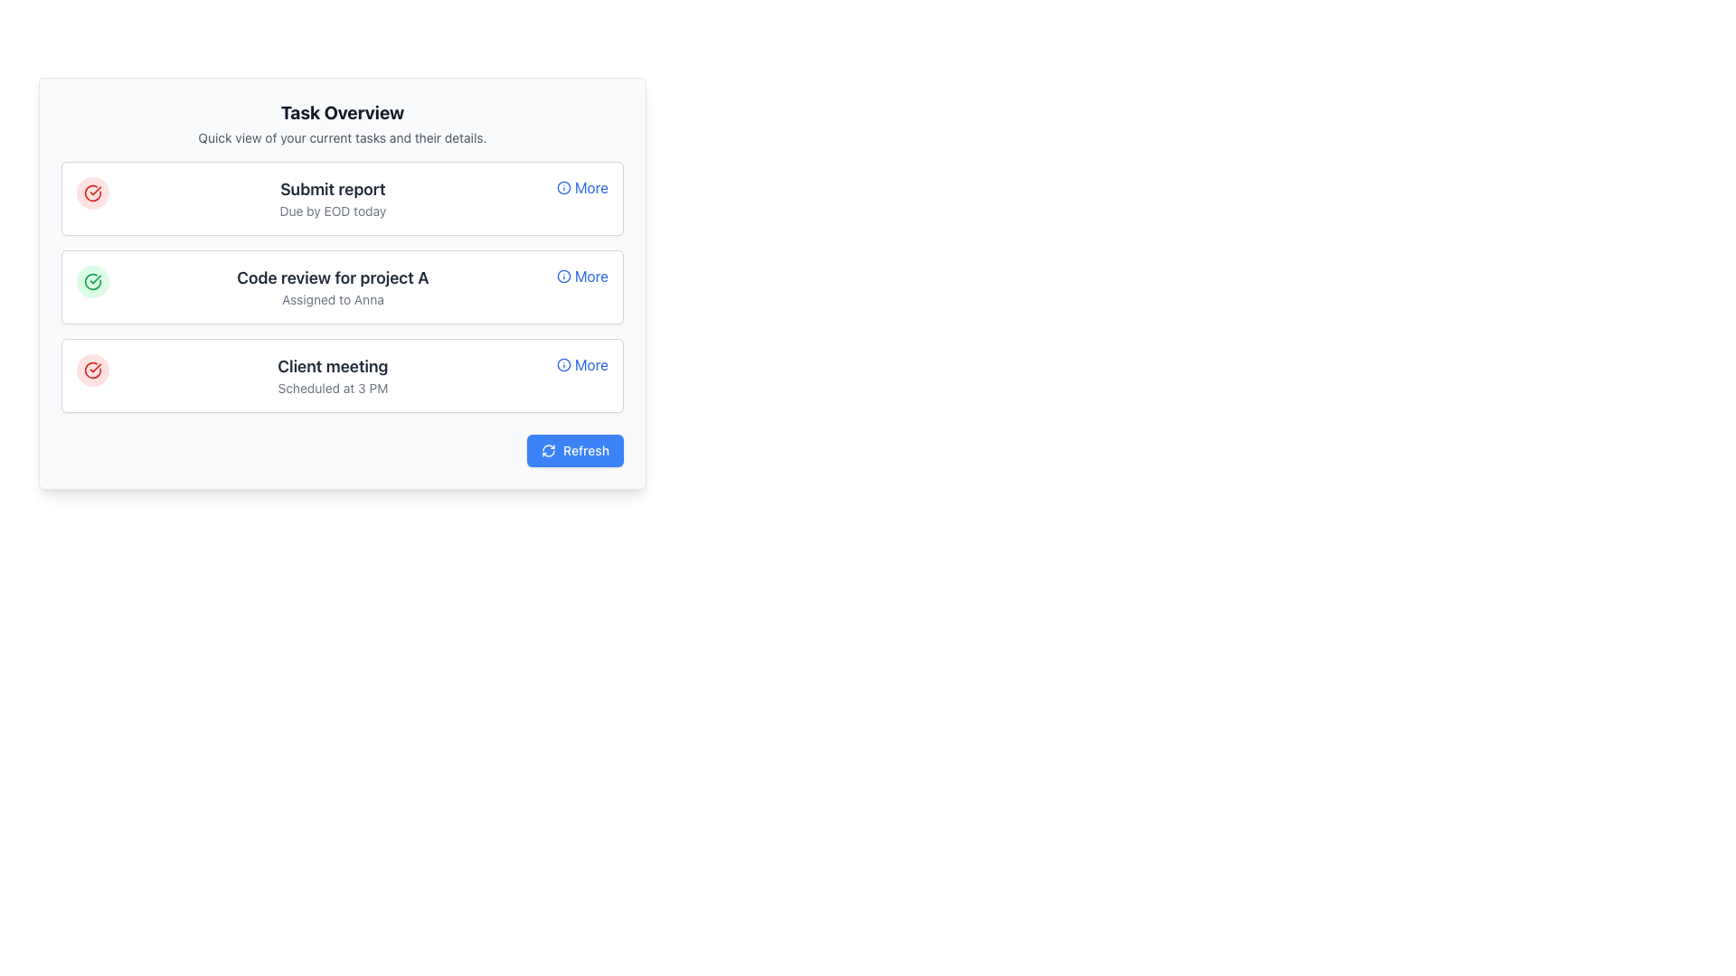 This screenshot has height=976, width=1736. I want to click on the 'Submit report' text label, which is displayed in bold, large dark gray font at the top center of the first list item in the task list section, so click(333, 189).